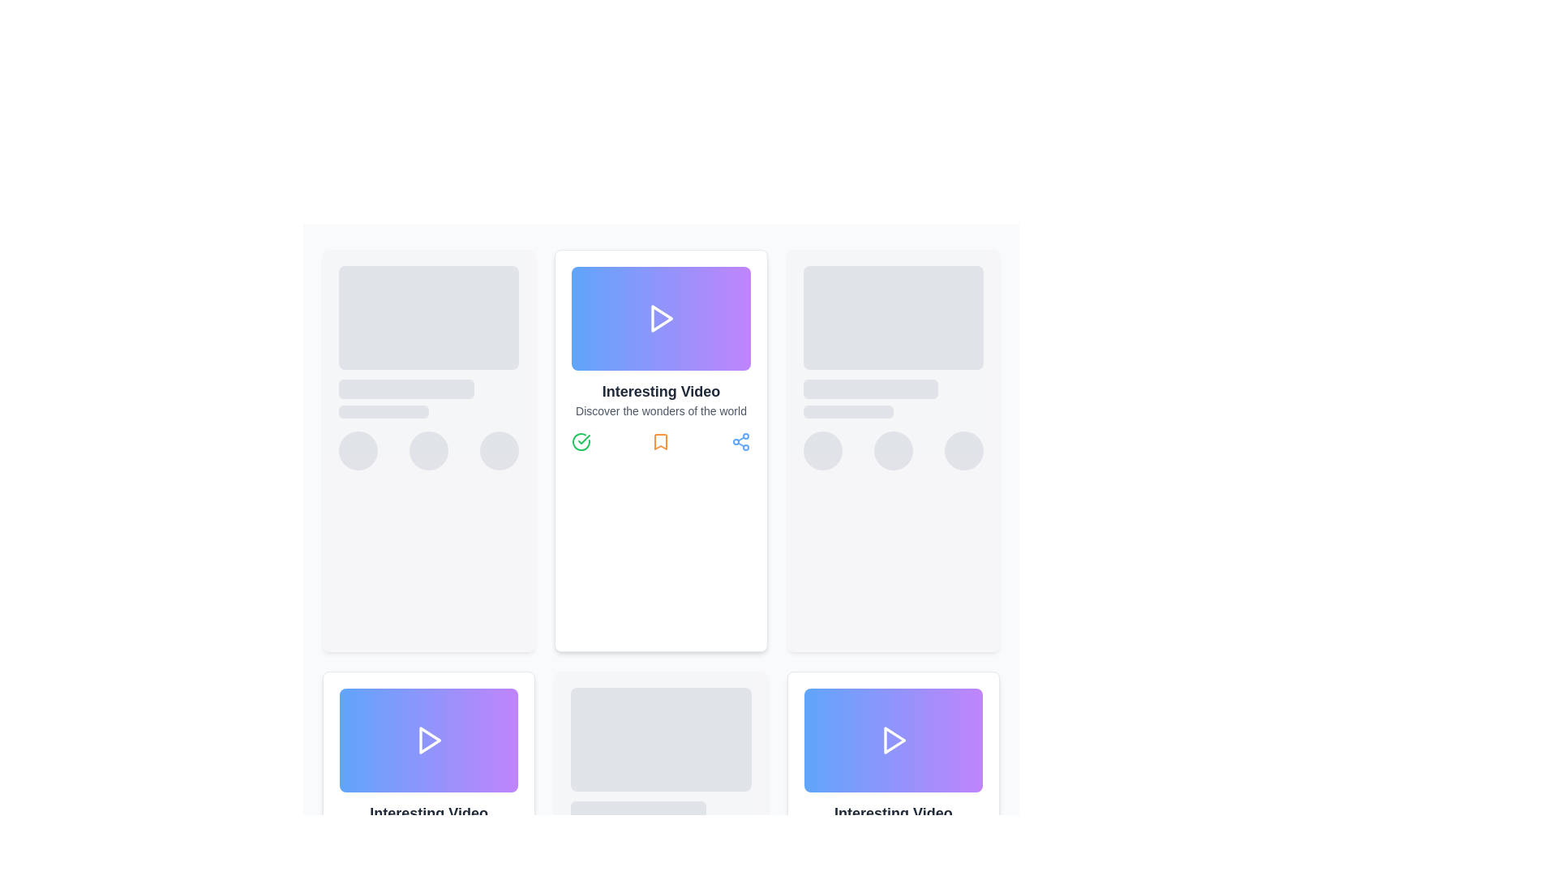 The height and width of the screenshot is (876, 1557). Describe the element at coordinates (661, 319) in the screenshot. I see `the play icon located at the center of the gradient background area of the 'Interesting Video' card` at that location.